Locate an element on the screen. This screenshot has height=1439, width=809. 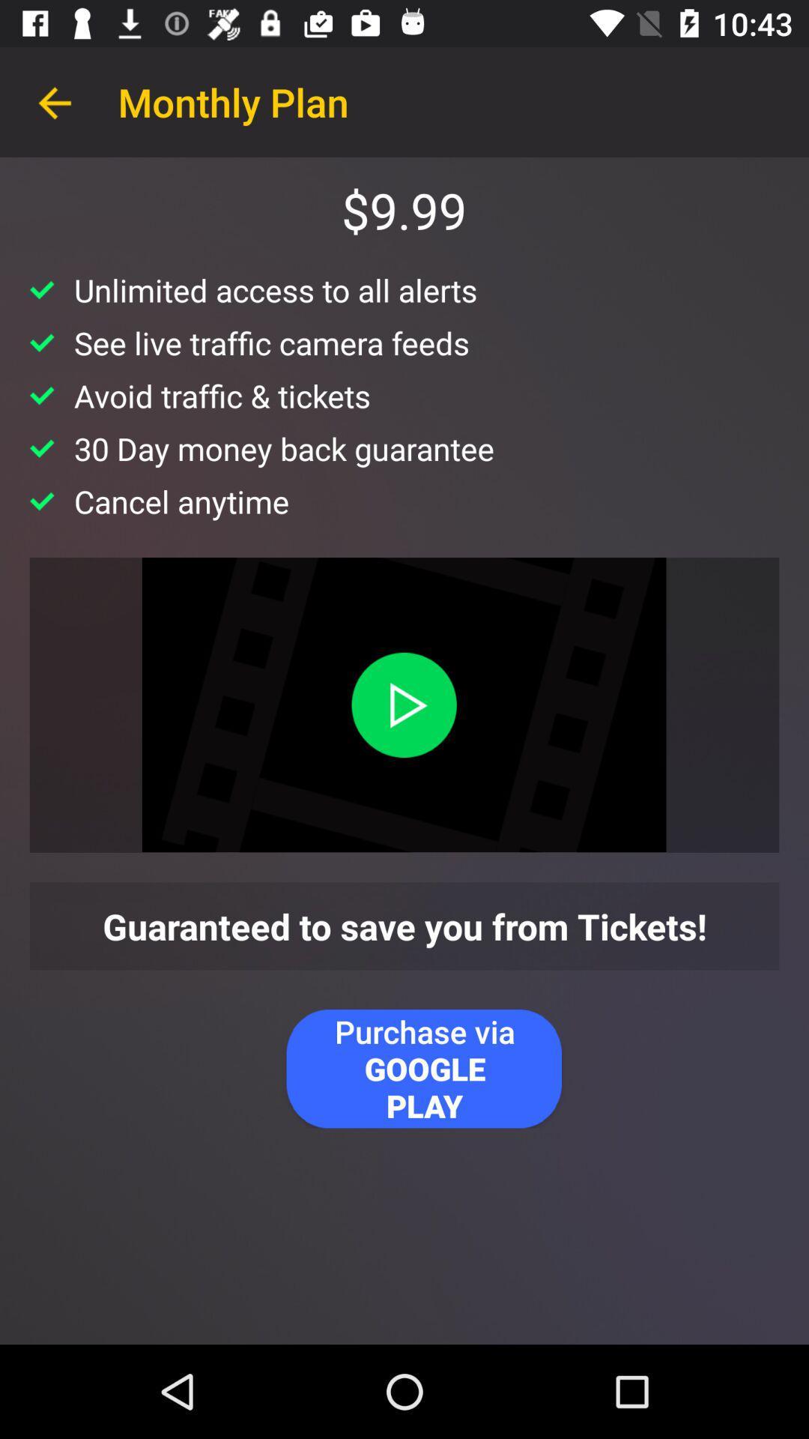
the item below guaranteed to save is located at coordinates (424, 1068).